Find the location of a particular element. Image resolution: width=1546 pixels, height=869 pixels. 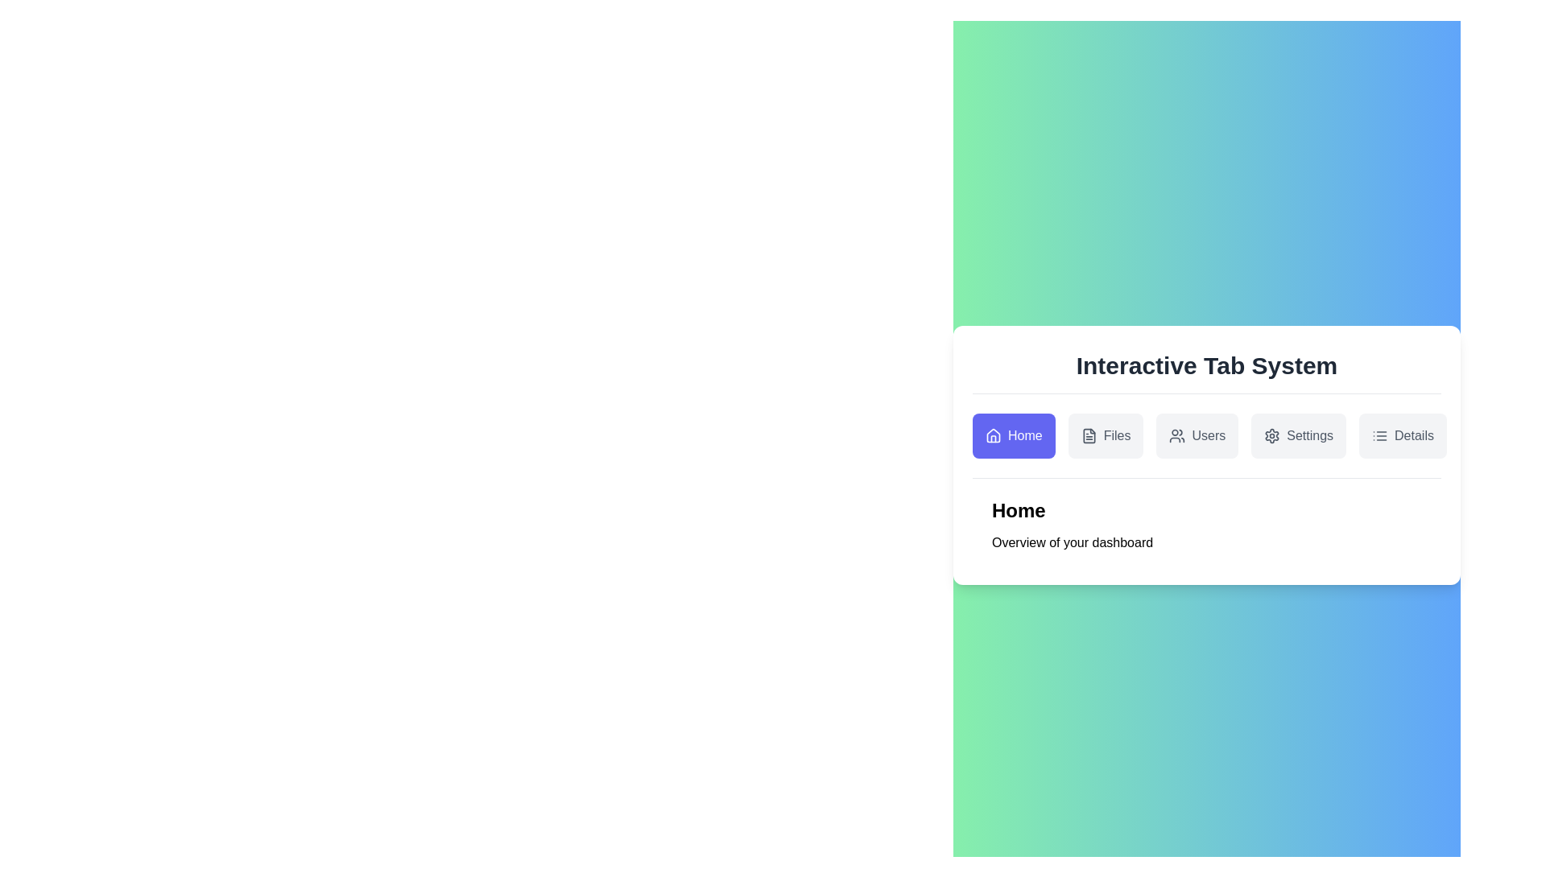

the 'Details' text label, which is a medium gray text located in the top navigation region of a card-style component, positioned to the right of a list icon and adjacent to other navigation options is located at coordinates (1413, 436).